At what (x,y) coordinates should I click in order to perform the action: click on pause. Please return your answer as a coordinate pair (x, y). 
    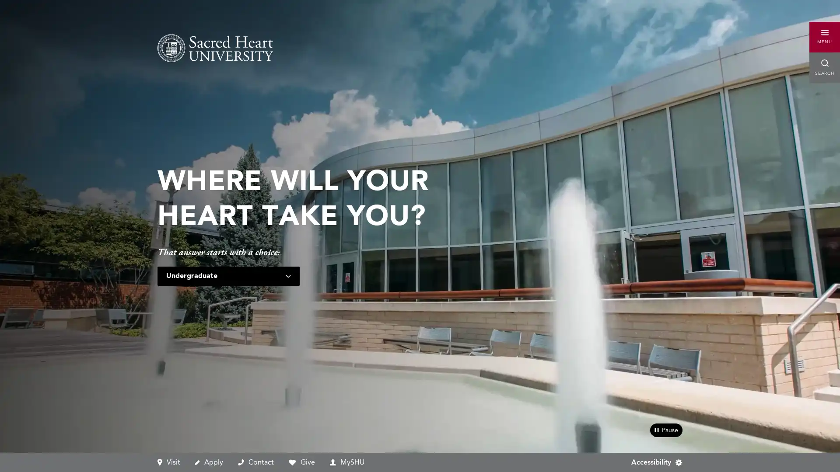
    Looking at the image, I should click on (665, 430).